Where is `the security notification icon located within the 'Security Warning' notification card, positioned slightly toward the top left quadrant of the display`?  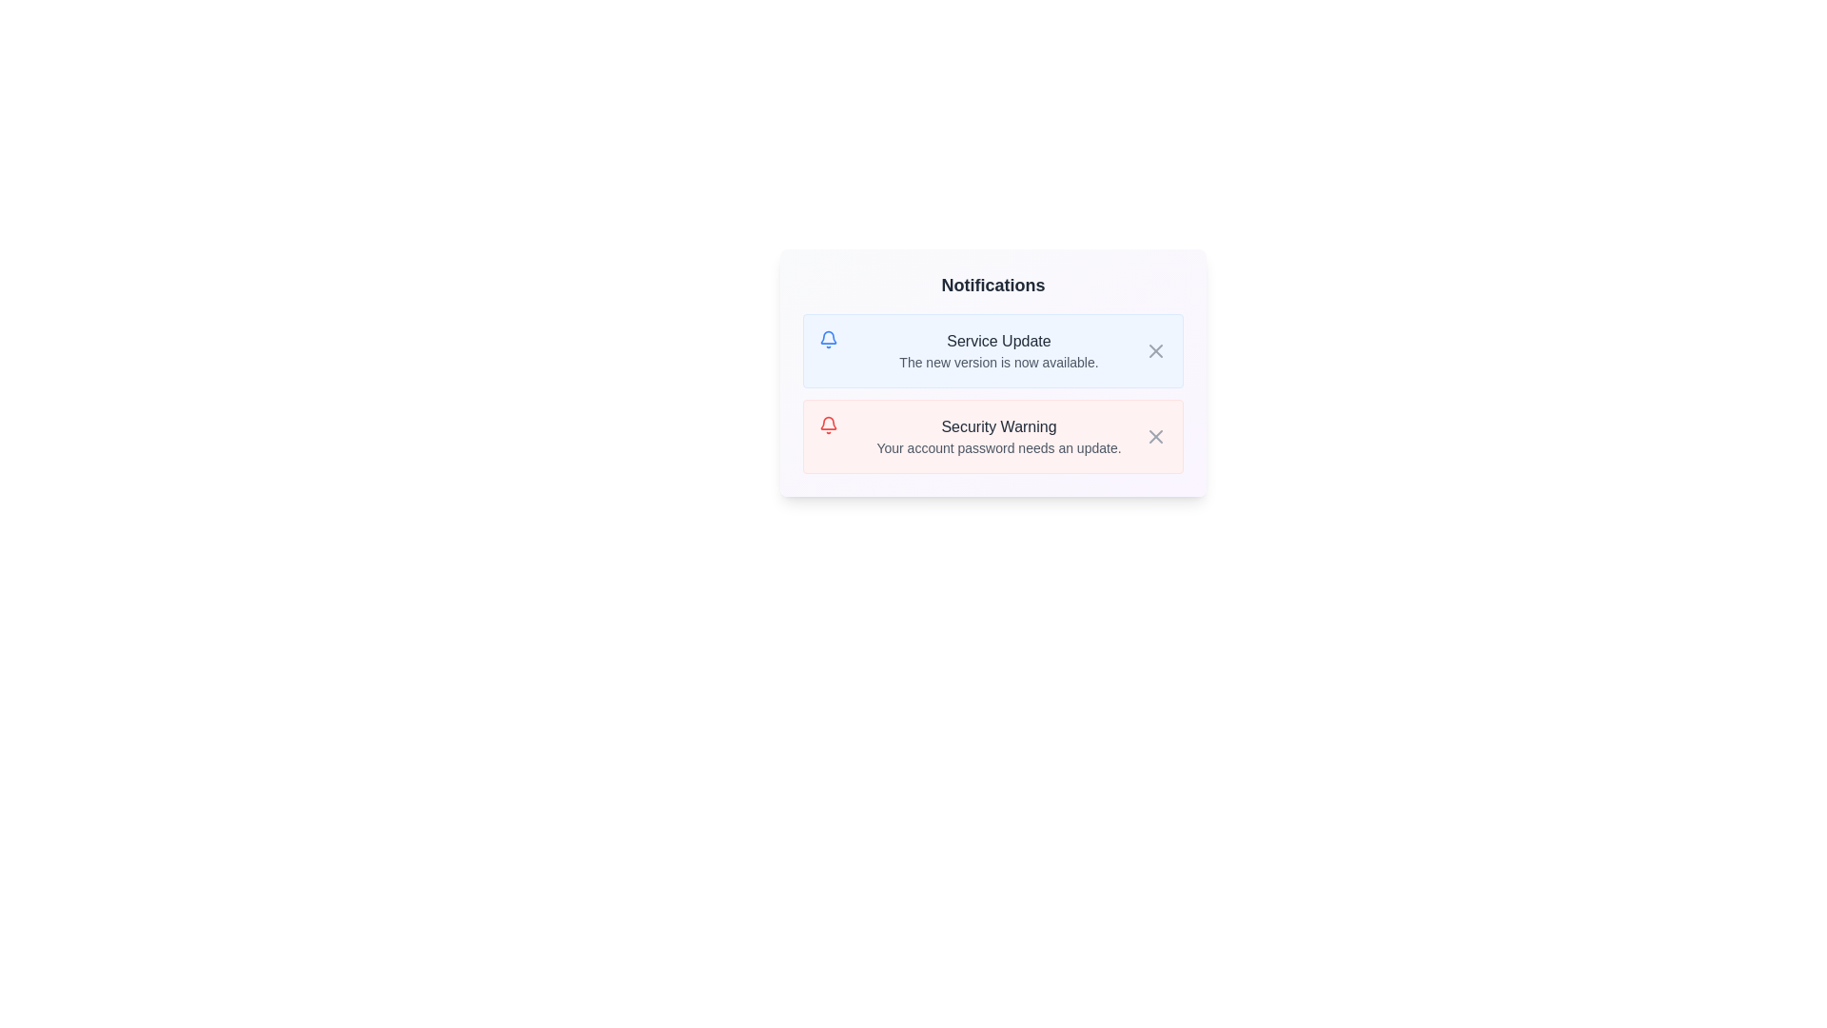
the security notification icon located within the 'Security Warning' notification card, positioned slightly toward the top left quadrant of the display is located at coordinates (828, 425).